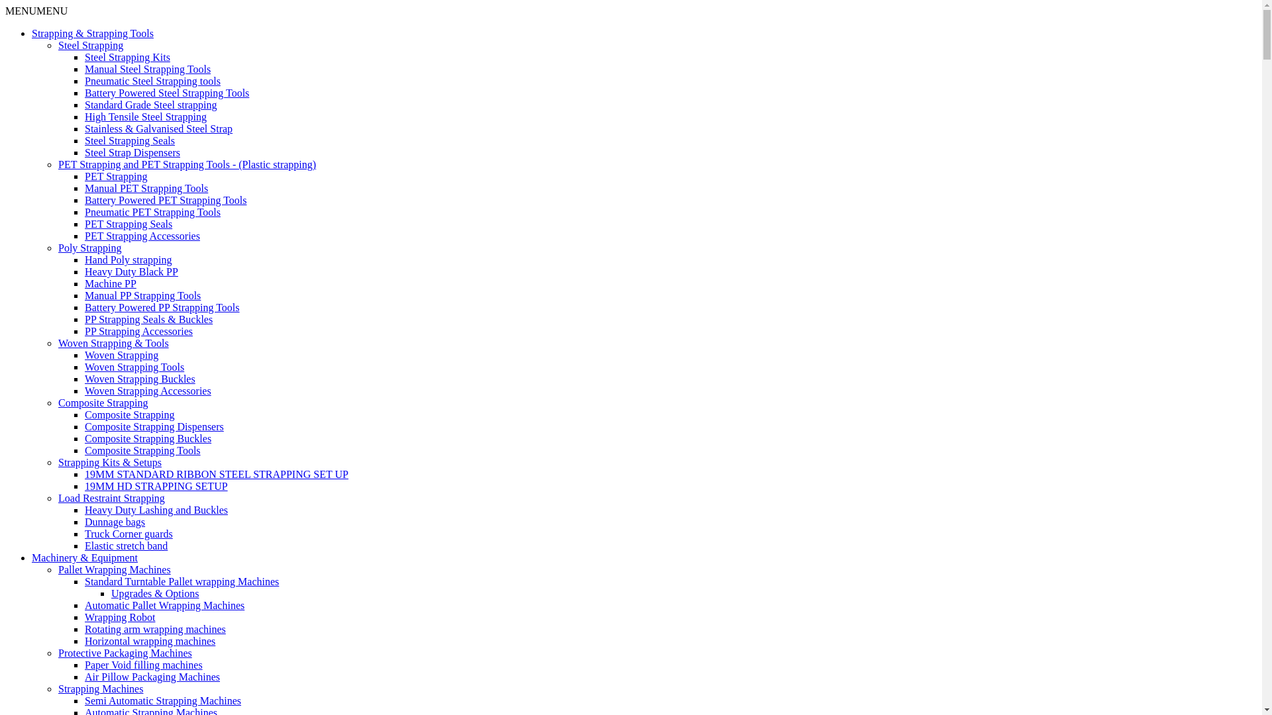 The width and height of the screenshot is (1272, 715). Describe the element at coordinates (148, 319) in the screenshot. I see `'PP Strapping Seals & Buckles'` at that location.